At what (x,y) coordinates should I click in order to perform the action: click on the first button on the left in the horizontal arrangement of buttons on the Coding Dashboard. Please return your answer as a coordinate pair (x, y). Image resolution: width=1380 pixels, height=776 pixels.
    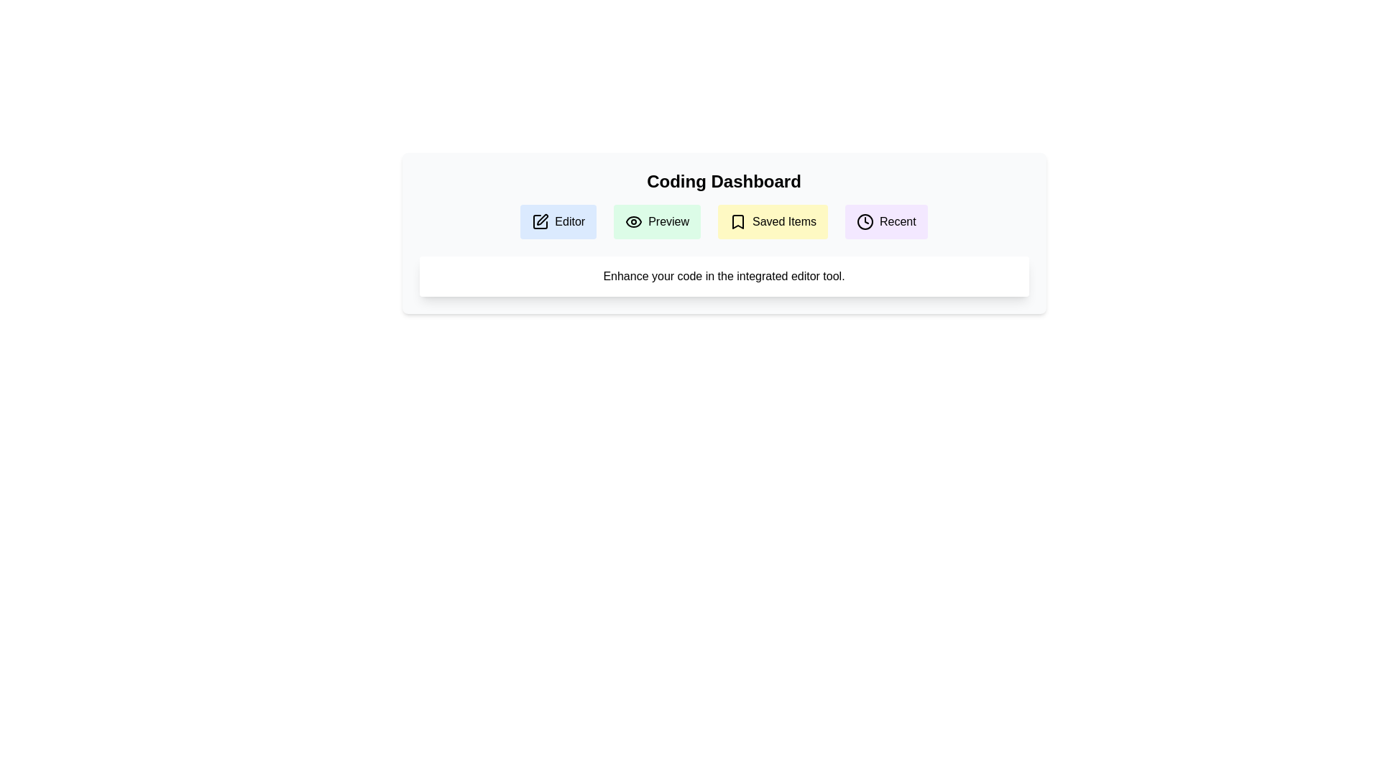
    Looking at the image, I should click on (558, 221).